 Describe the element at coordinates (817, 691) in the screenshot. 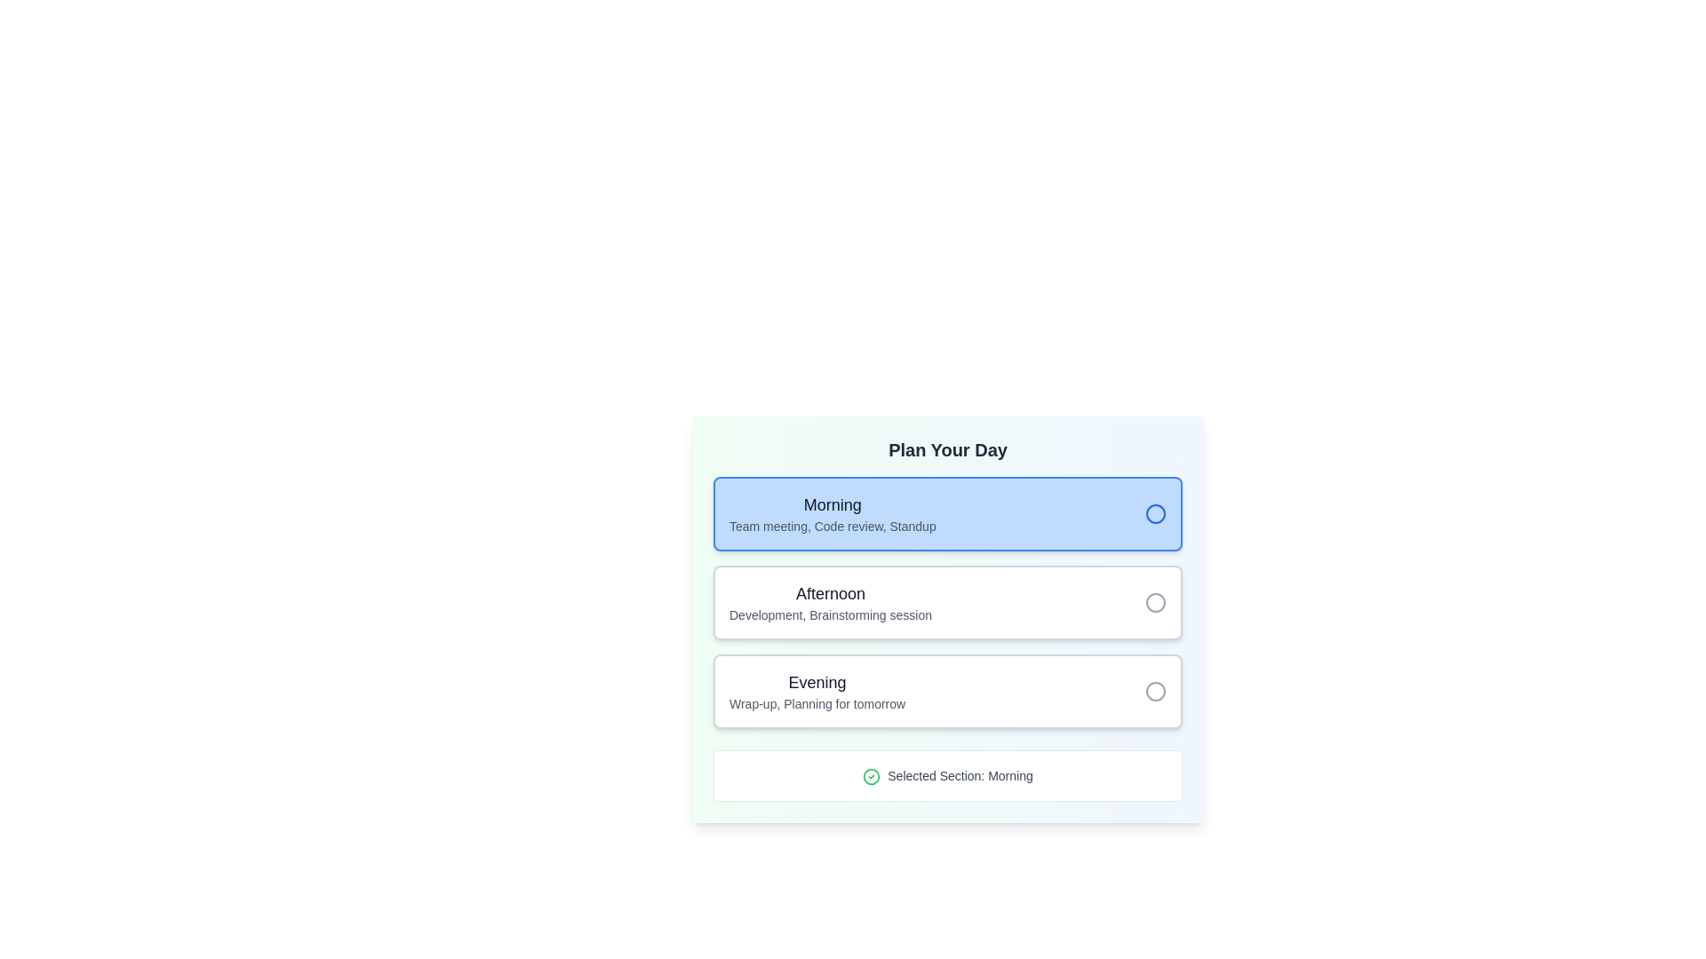

I see `the third list item representing the evening planning section in the planning interface` at that location.